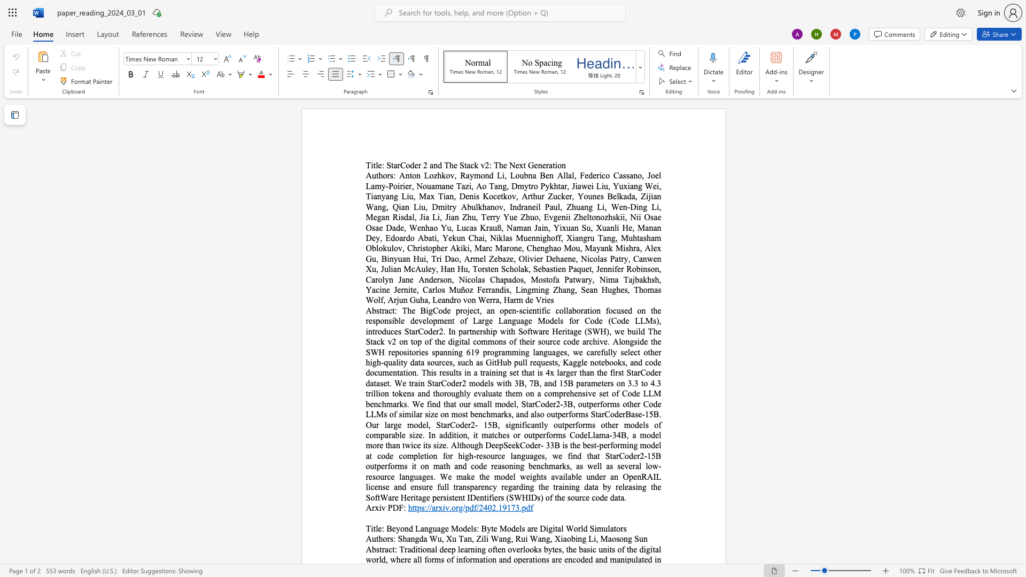  I want to click on the 1th character "D" in the text, so click(543, 528).